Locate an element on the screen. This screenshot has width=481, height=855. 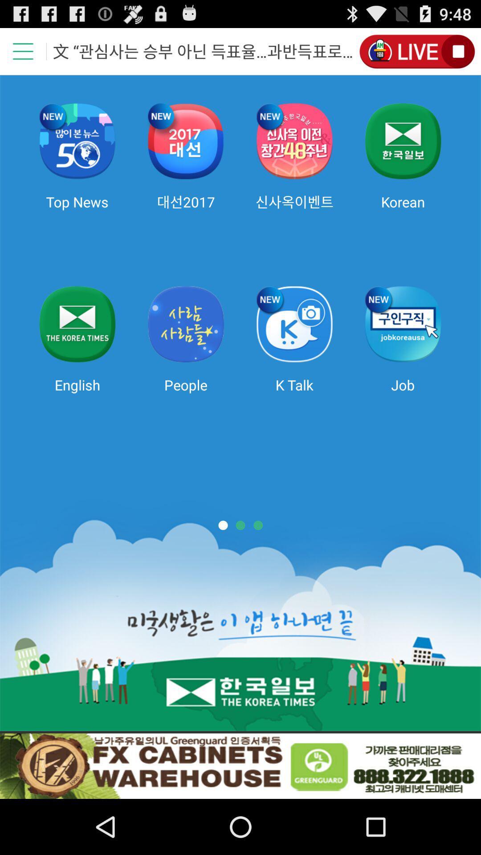
switch on the option is located at coordinates (416, 51).